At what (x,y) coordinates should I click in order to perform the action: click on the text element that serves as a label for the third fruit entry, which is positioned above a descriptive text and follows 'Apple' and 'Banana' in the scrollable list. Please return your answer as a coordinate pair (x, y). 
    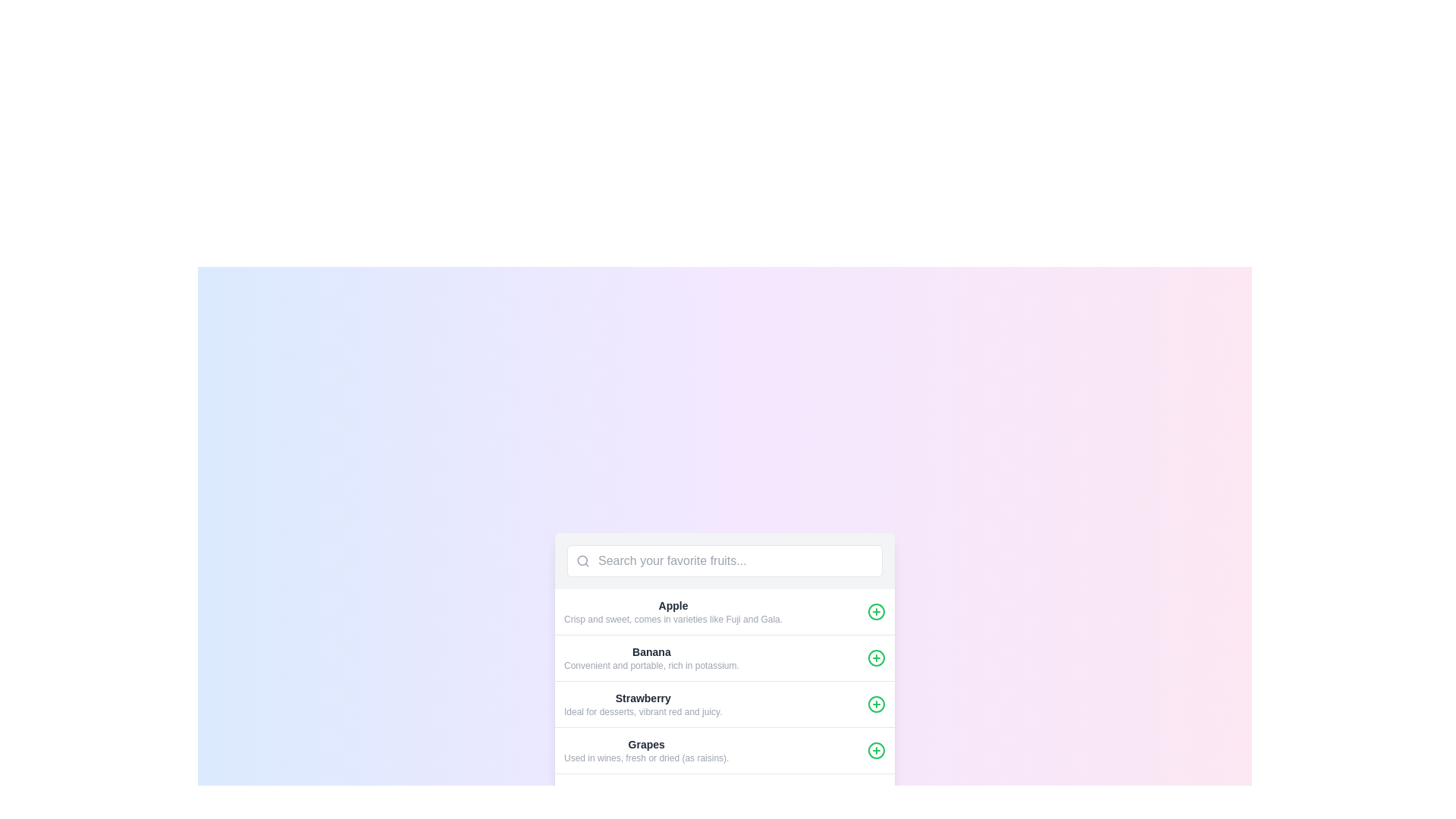
    Looking at the image, I should click on (643, 698).